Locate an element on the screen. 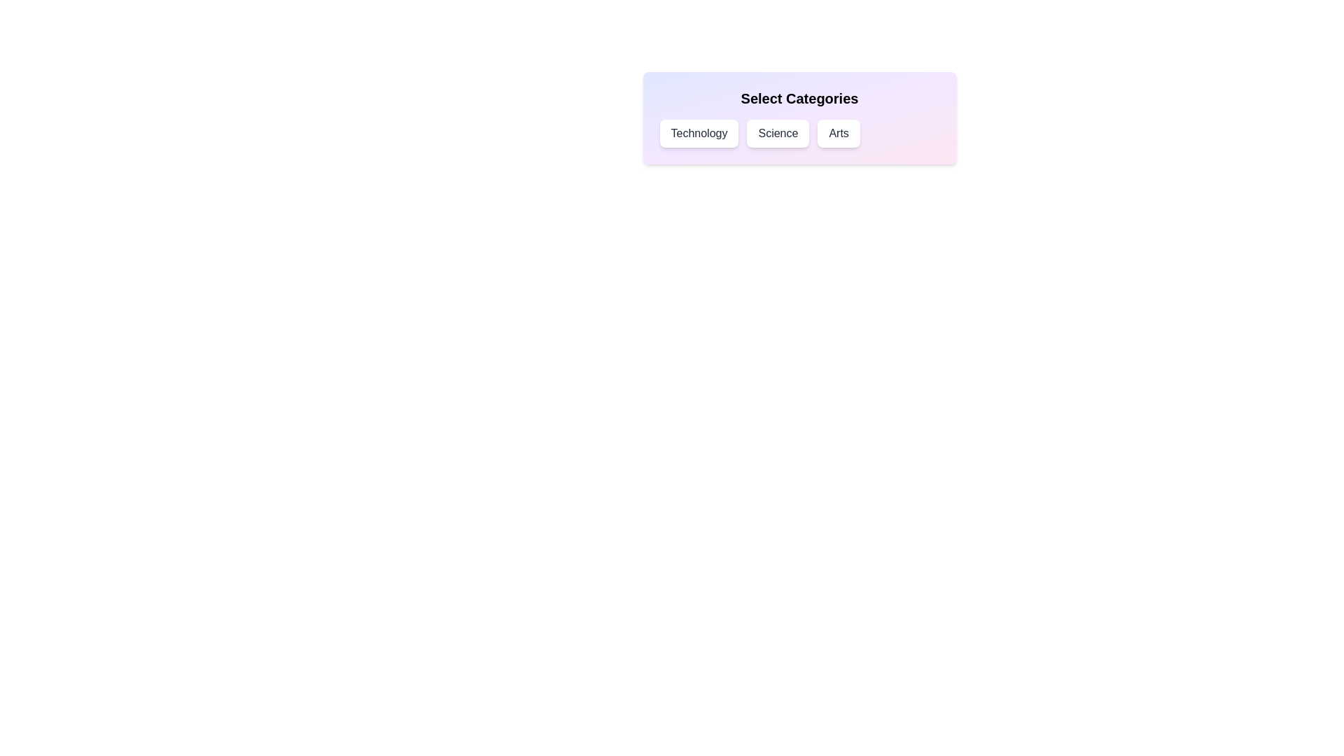  the Technology chip to toggle its selection state is located at coordinates (699, 134).